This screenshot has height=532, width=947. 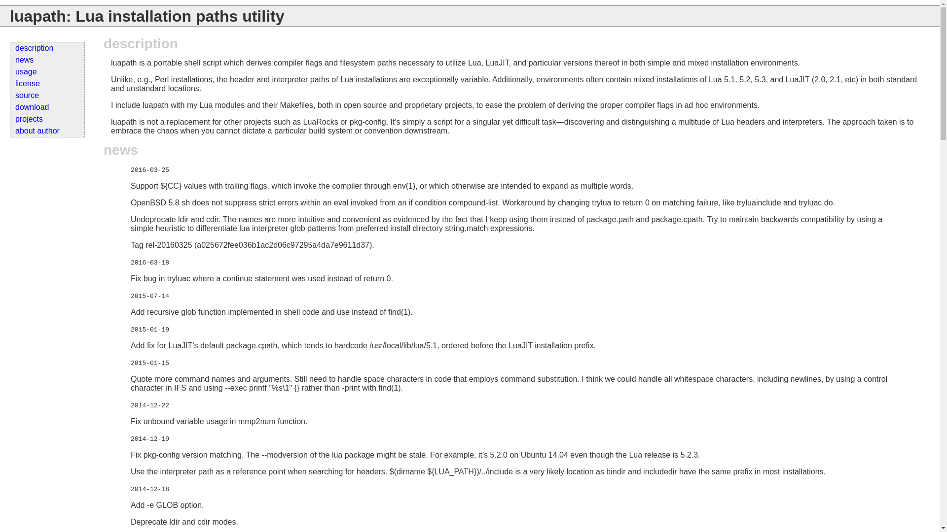 What do you see at coordinates (47, 95) in the screenshot?
I see `'source'` at bounding box center [47, 95].